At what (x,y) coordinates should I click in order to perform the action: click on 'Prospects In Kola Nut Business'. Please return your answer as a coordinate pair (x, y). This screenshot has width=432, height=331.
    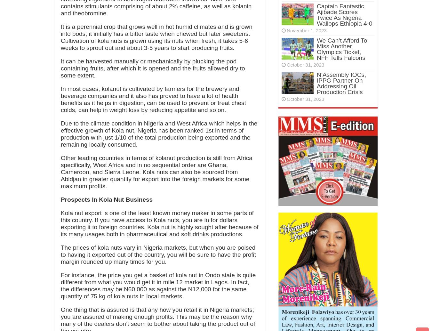
    Looking at the image, I should click on (106, 199).